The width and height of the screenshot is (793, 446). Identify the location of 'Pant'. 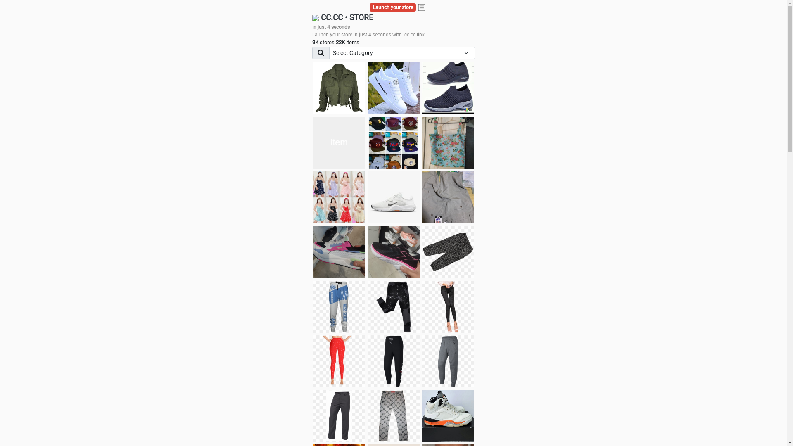
(447, 361).